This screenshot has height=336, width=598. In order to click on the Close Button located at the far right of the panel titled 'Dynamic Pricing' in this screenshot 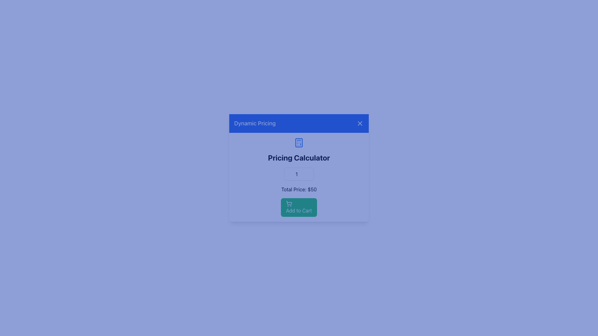, I will do `click(360, 124)`.